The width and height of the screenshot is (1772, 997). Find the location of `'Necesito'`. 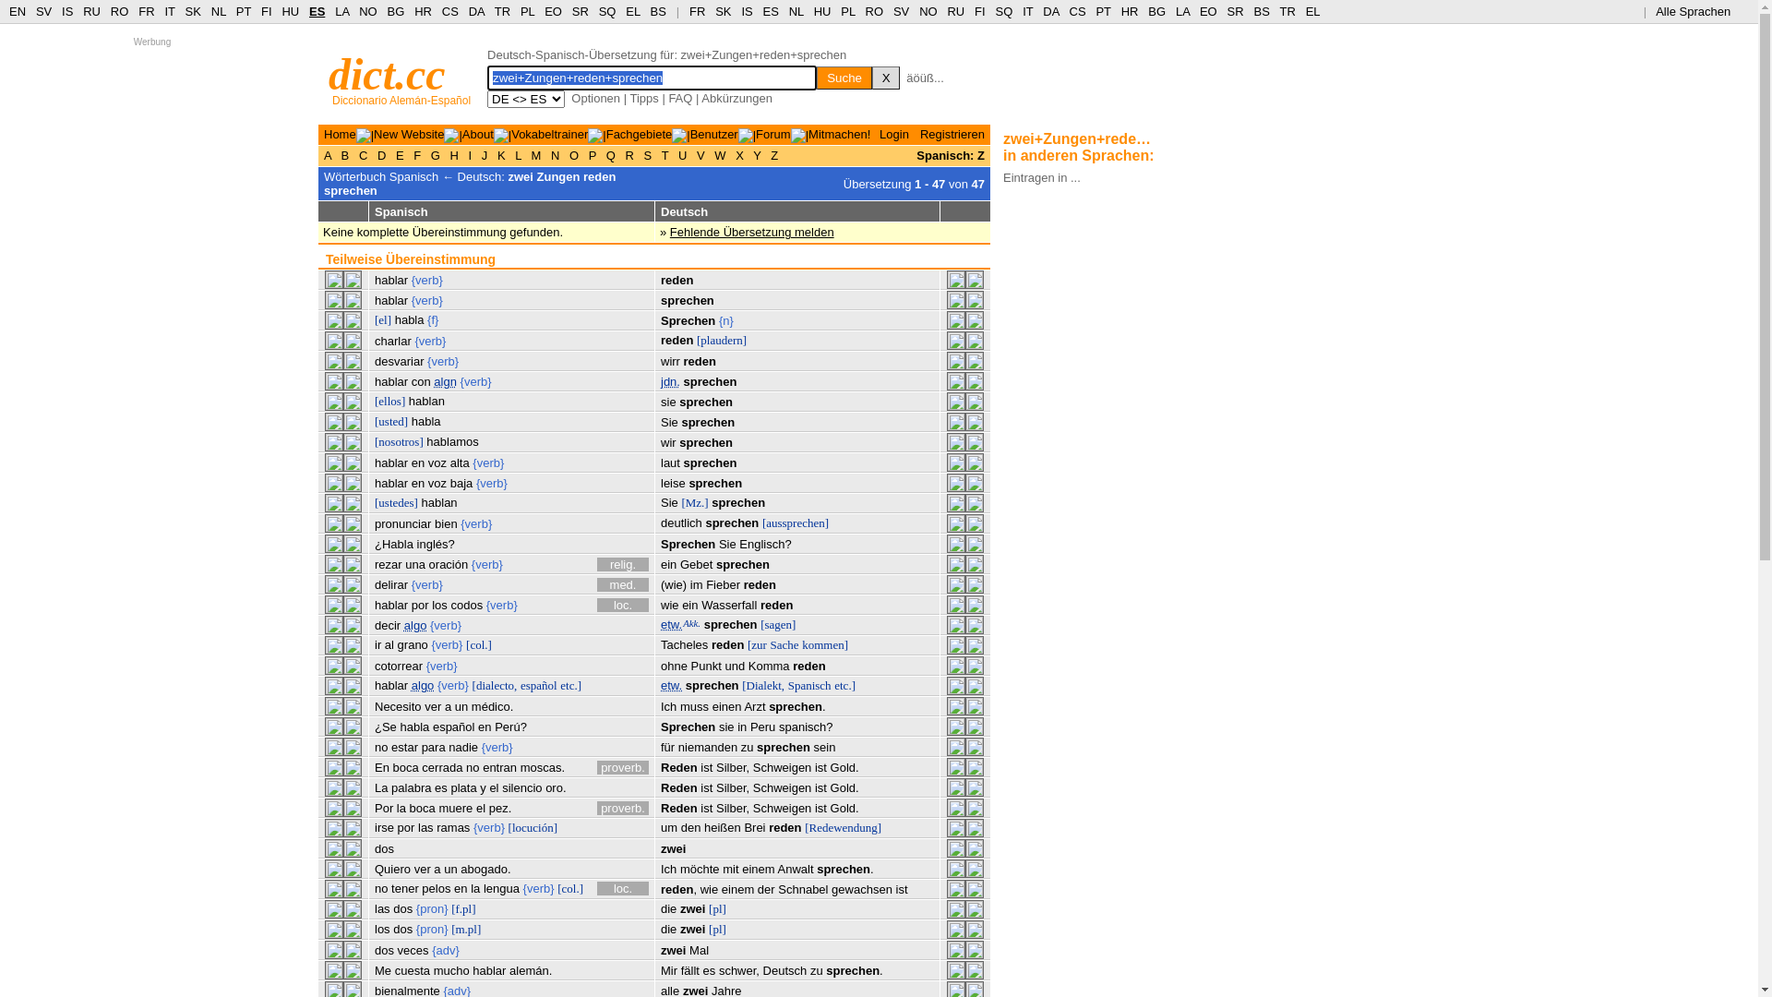

'Necesito' is located at coordinates (374, 706).